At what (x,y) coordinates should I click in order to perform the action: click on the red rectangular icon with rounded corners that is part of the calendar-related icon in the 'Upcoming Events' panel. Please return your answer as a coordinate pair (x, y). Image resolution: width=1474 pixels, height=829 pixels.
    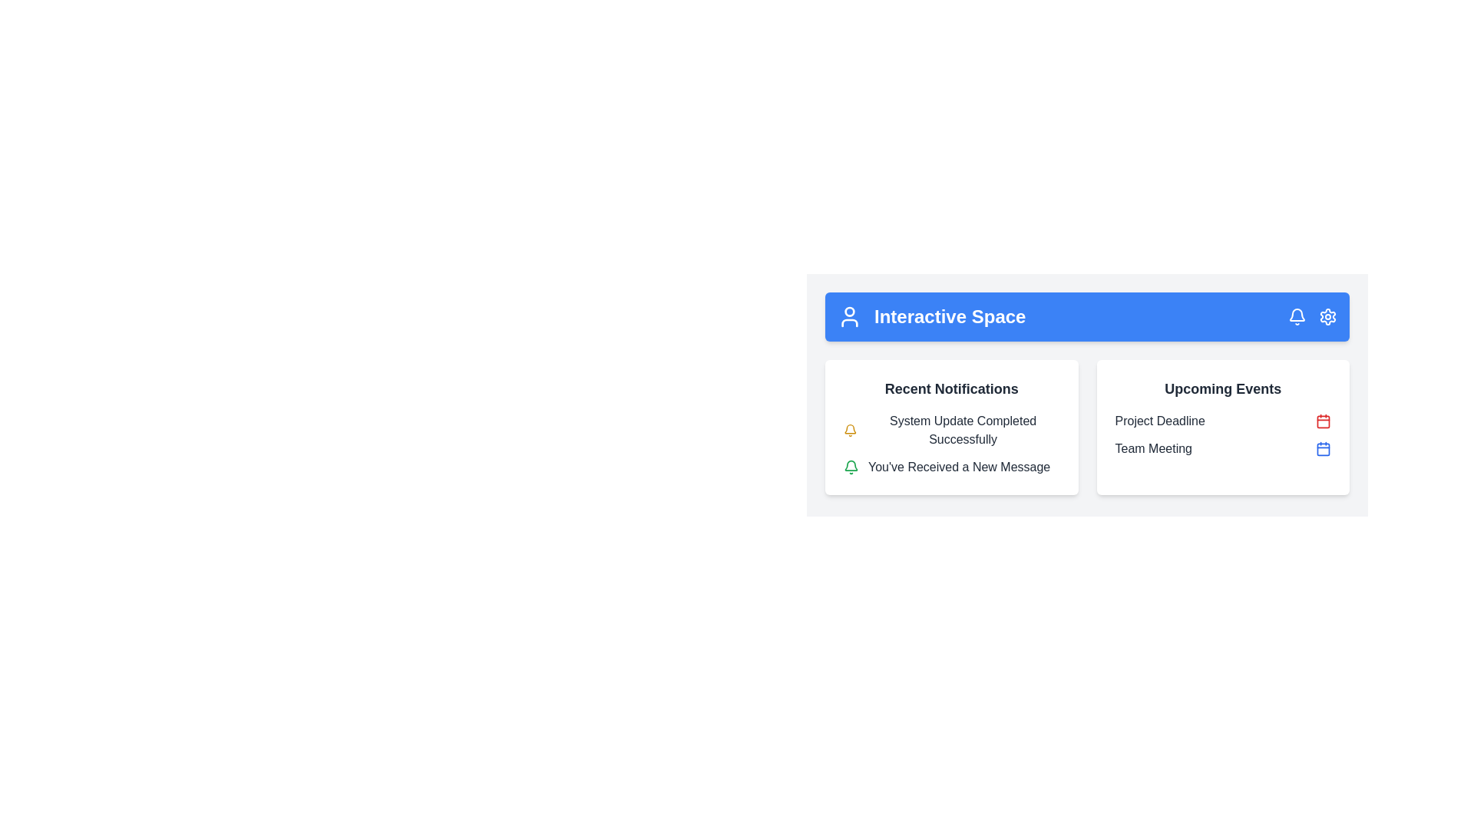
    Looking at the image, I should click on (1322, 421).